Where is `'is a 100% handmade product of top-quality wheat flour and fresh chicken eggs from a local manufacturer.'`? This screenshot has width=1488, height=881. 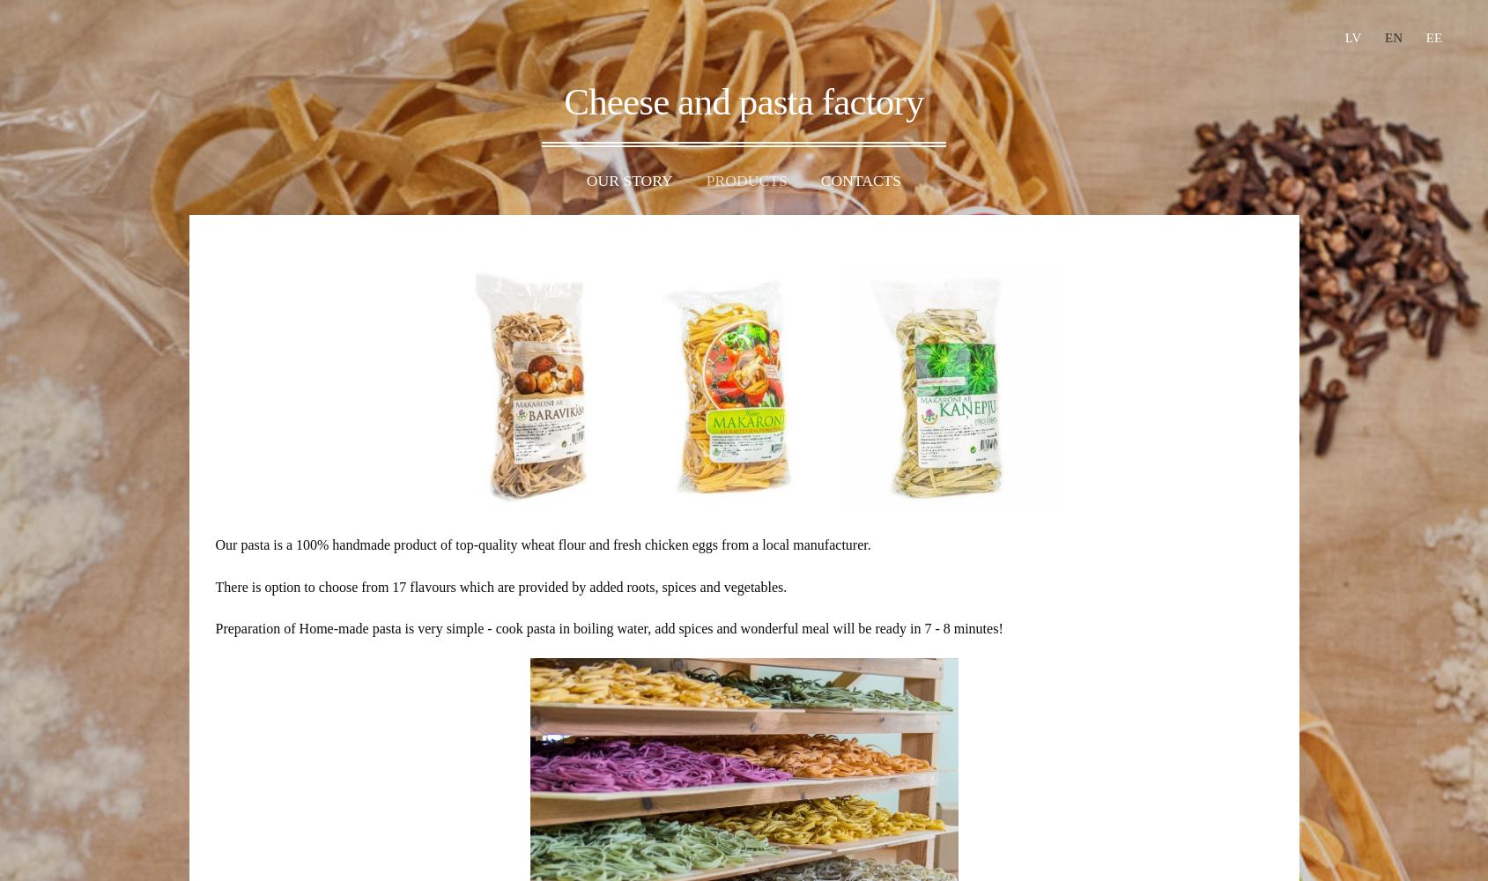 'is a 100% handmade product of top-quality wheat flour and fresh chicken eggs from a local manufacturer.' is located at coordinates (569, 544).